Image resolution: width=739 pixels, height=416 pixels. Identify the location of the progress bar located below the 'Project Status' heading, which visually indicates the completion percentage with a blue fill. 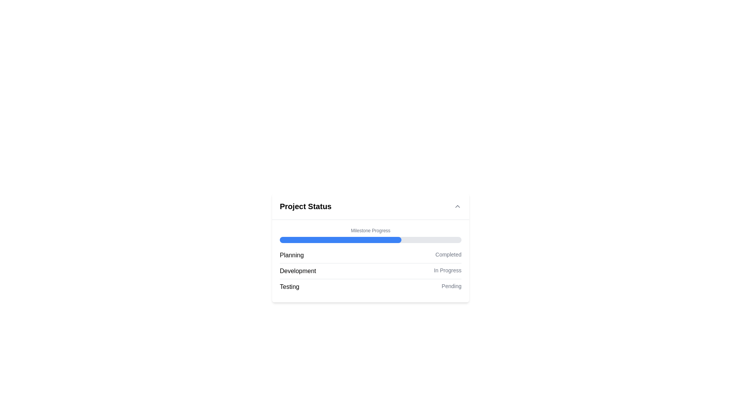
(371, 235).